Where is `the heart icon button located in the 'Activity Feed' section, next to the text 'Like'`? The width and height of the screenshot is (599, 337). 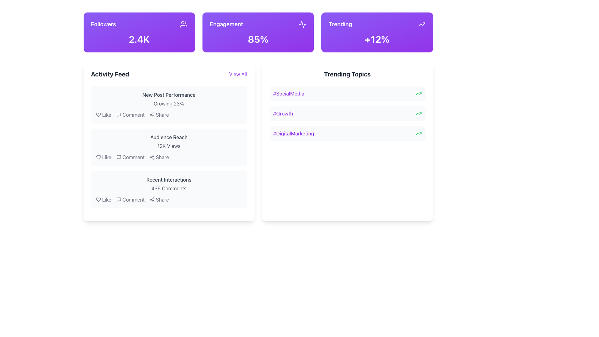 the heart icon button located in the 'Activity Feed' section, next to the text 'Like' is located at coordinates (98, 115).